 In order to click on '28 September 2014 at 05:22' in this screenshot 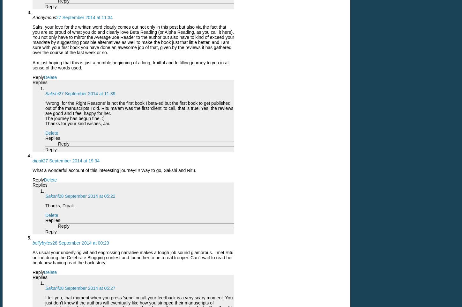, I will do `click(87, 196)`.